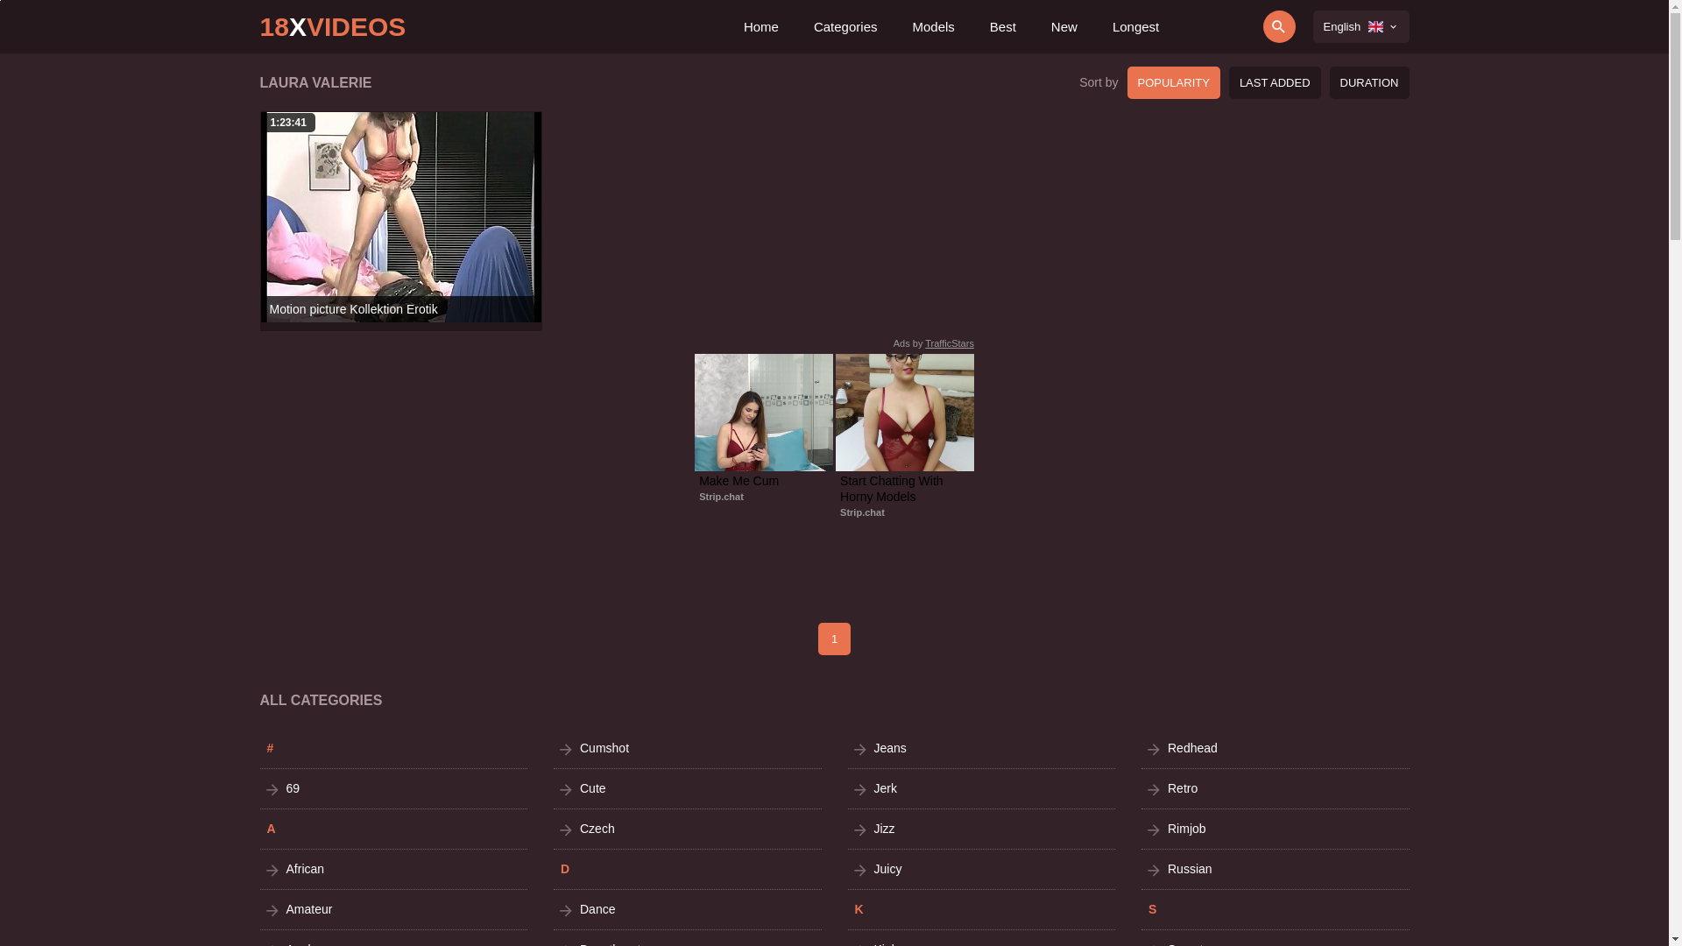  What do you see at coordinates (392, 908) in the screenshot?
I see `'Amateur'` at bounding box center [392, 908].